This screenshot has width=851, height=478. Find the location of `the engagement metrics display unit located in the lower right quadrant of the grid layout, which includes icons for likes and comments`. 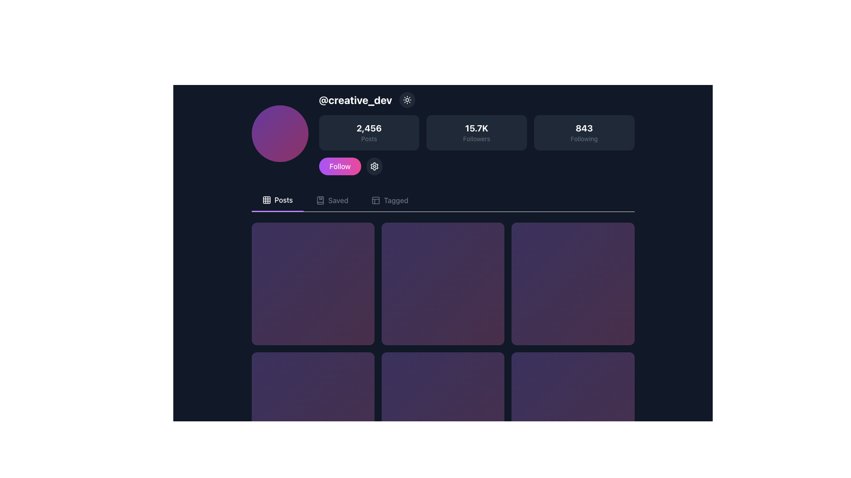

the engagement metrics display unit located in the lower right quadrant of the grid layout, which includes icons for likes and comments is located at coordinates (573, 414).